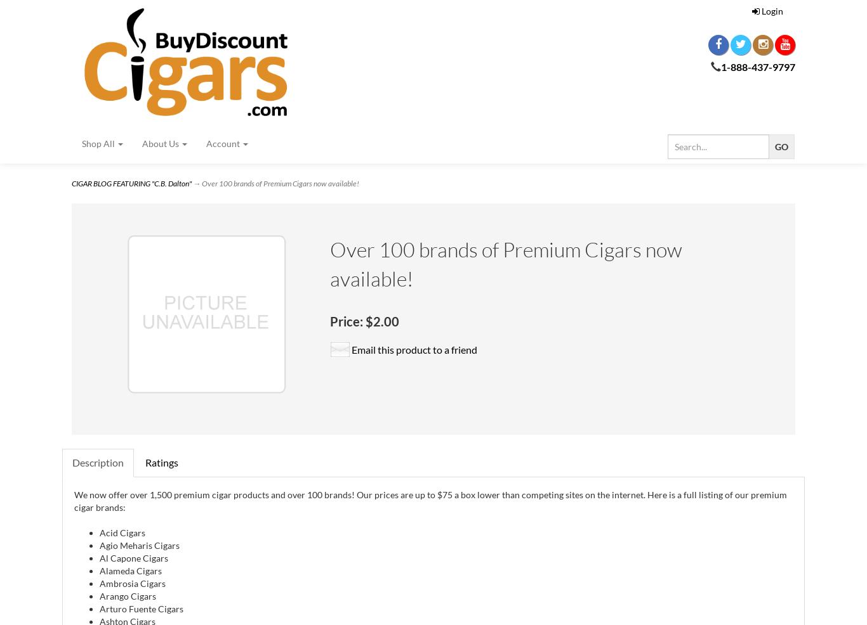 Image resolution: width=867 pixels, height=625 pixels. I want to click on 'Alameda Cigars', so click(129, 569).